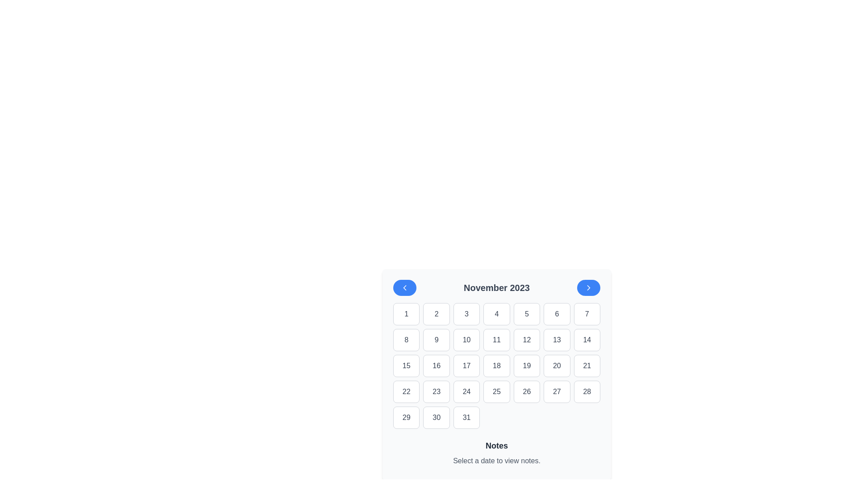  What do you see at coordinates (496, 287) in the screenshot?
I see `text content of the central label displaying 'November 2023', which is located between two interactive arrow buttons in a calendar widget` at bounding box center [496, 287].